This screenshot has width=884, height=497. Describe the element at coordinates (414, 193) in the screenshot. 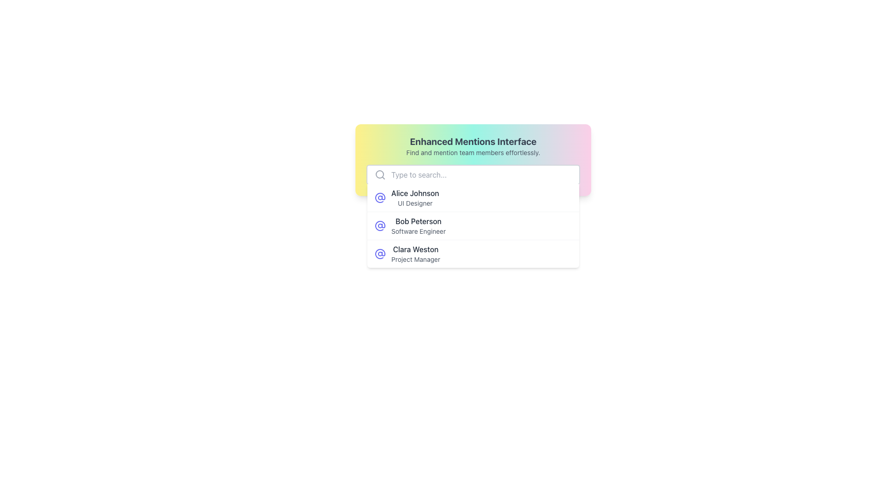

I see `text content of the topmost entry in the dropdown selection interface, specifically identifying 'Alice Johnson' as the user` at that location.